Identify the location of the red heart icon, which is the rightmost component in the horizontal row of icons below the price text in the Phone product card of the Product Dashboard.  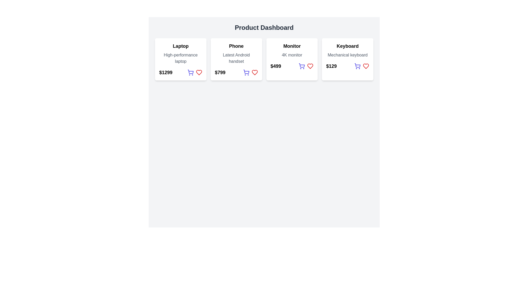
(255, 72).